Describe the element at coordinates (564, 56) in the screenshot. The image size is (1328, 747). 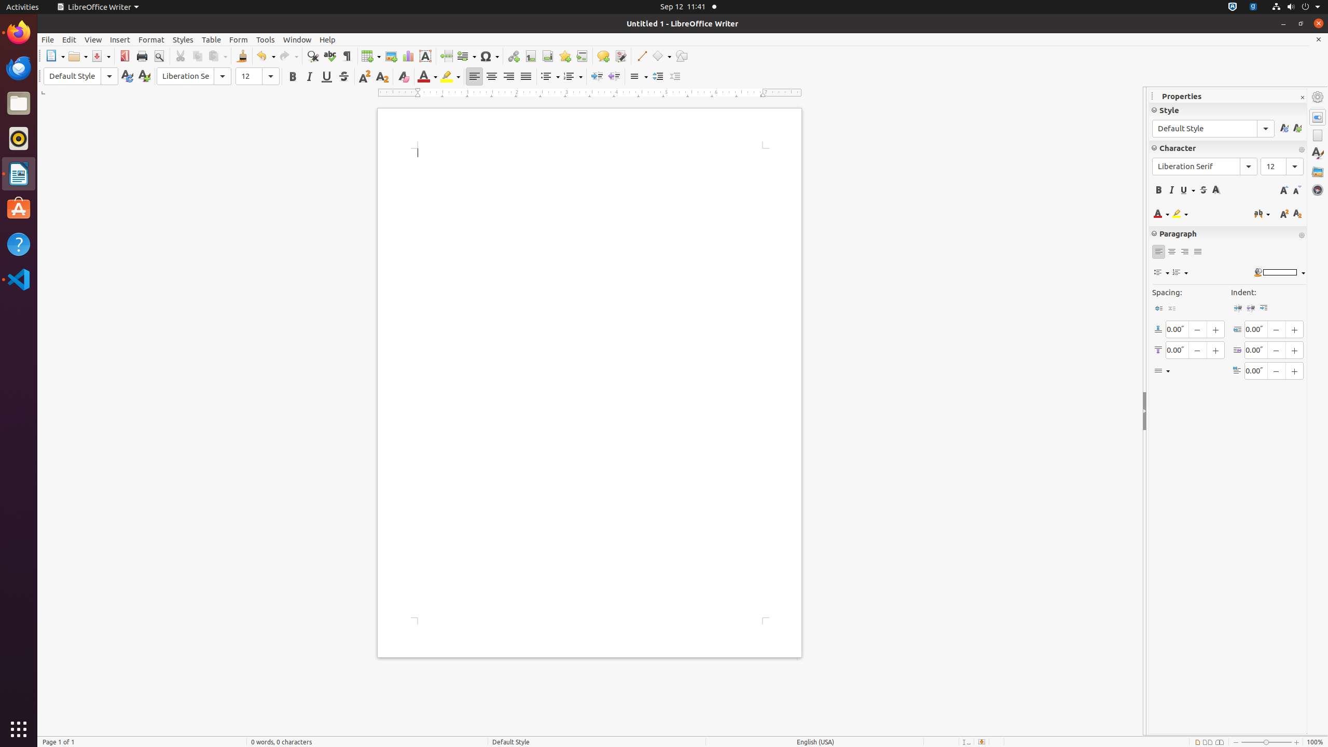
I see `'Bookmark'` at that location.